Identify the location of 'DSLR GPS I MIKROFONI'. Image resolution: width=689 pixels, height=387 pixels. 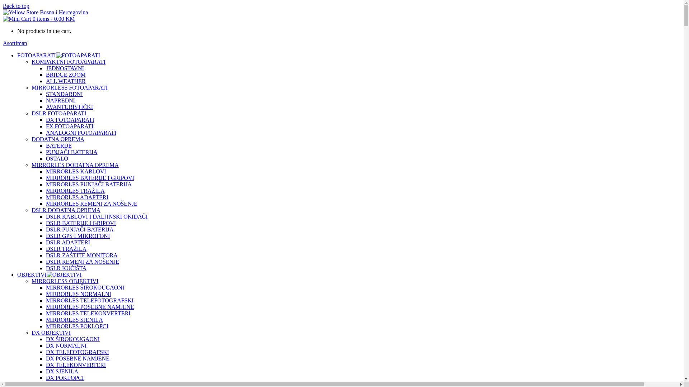
(78, 236).